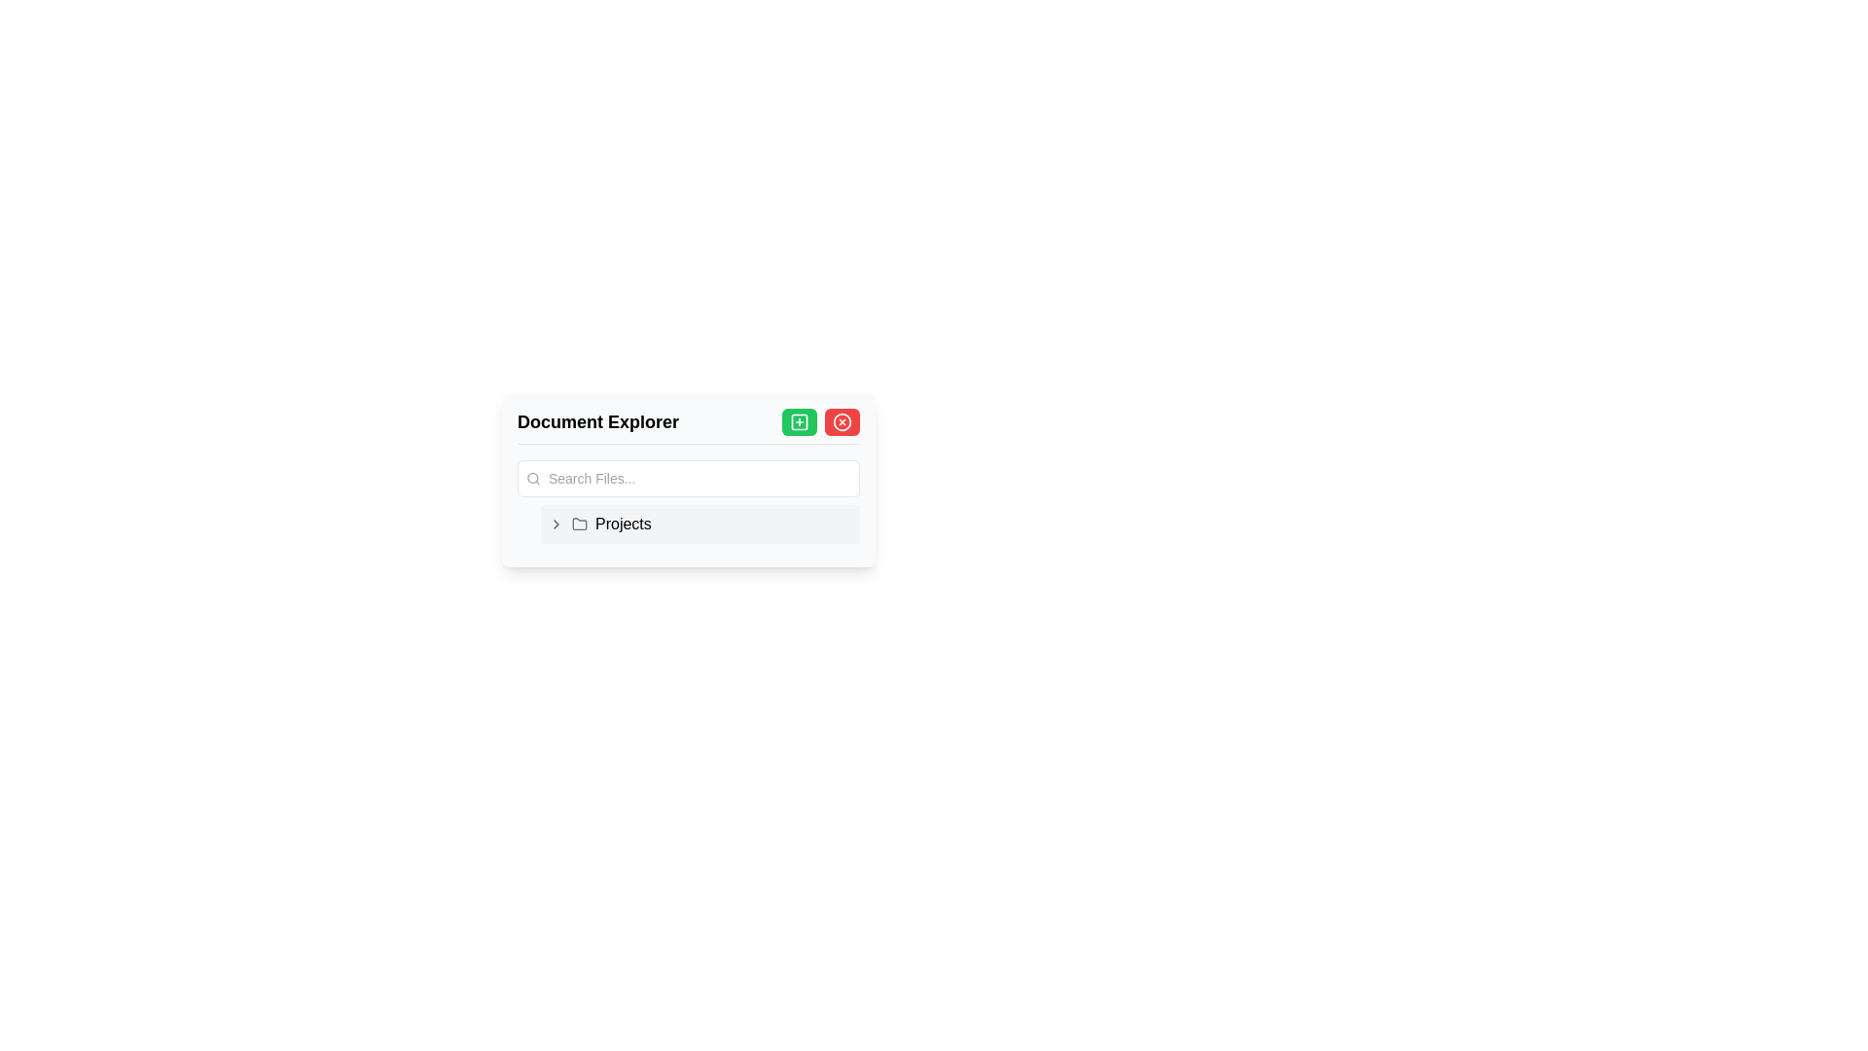 The width and height of the screenshot is (1868, 1051). Describe the element at coordinates (555, 524) in the screenshot. I see `the chevron arrow icon located to the immediate left of the 'Projects' text label to trigger any hover effects` at that location.